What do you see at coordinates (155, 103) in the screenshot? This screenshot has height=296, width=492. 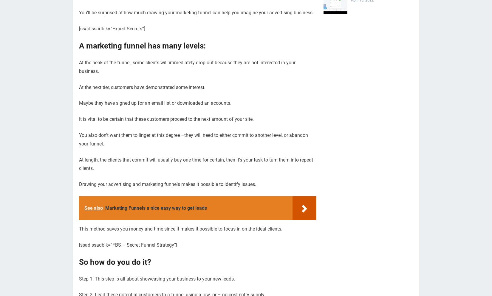 I see `'Maybe they have signed up for an email list or downloaded an accounts.'` at bounding box center [155, 103].